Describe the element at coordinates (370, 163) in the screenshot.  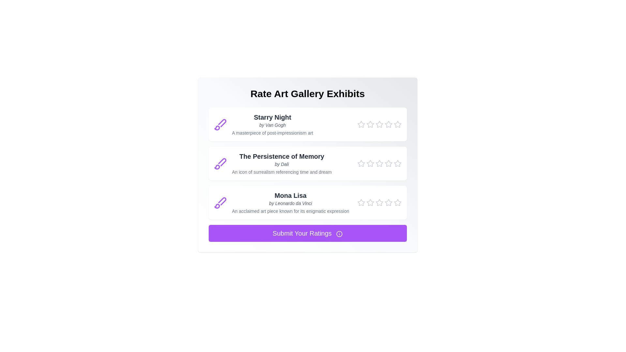
I see `the star corresponding to 2 for the painting titled The Persistence of Memory to set its rating` at that location.